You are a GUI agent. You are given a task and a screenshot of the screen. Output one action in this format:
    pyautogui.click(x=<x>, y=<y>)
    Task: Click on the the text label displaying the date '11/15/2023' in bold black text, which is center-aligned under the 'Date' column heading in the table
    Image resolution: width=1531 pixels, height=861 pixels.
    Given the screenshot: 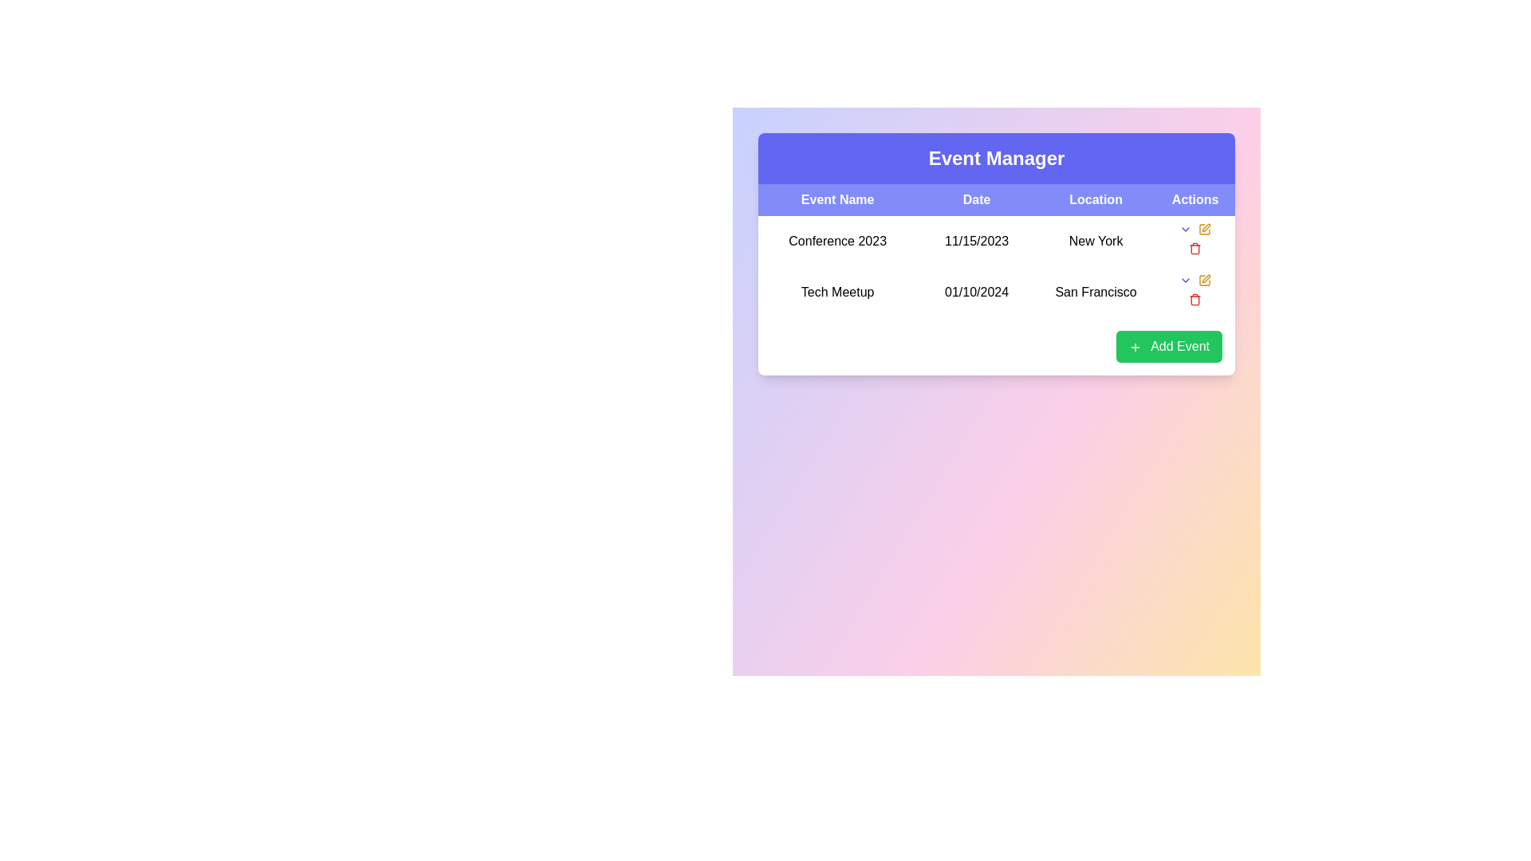 What is the action you would take?
    pyautogui.click(x=976, y=242)
    